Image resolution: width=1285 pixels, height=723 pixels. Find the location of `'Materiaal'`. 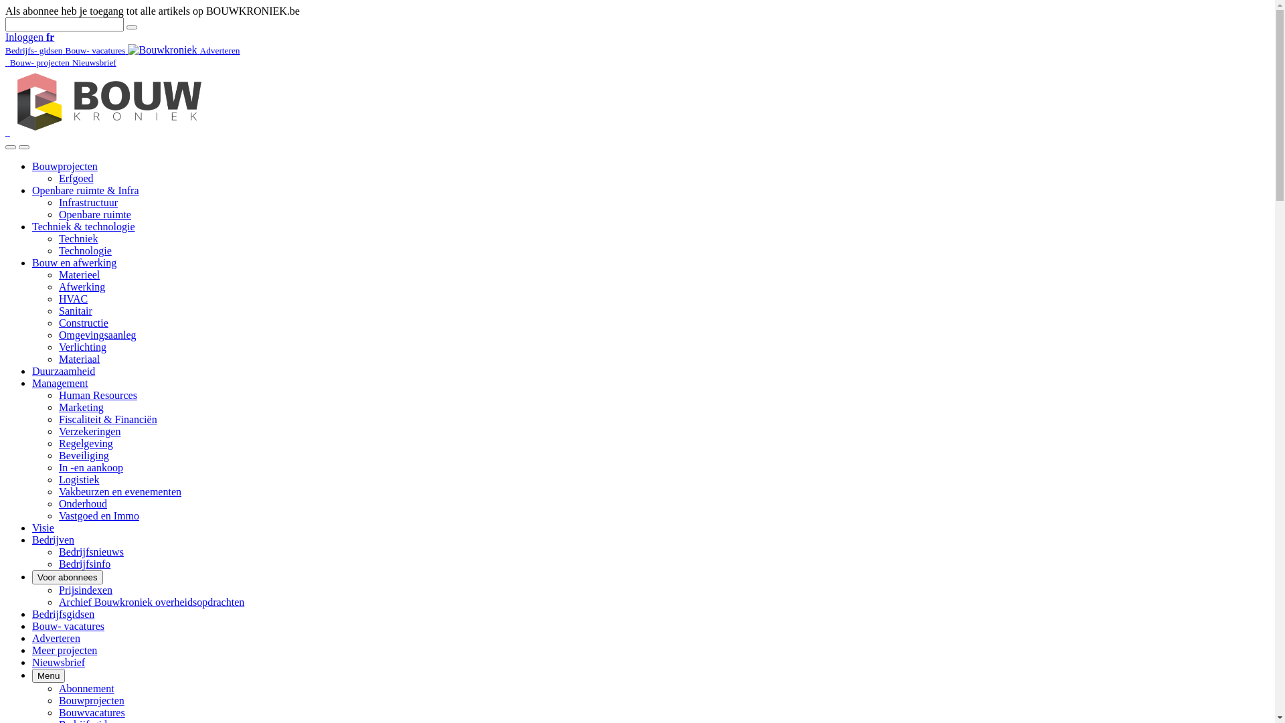

'Materiaal' is located at coordinates (58, 358).